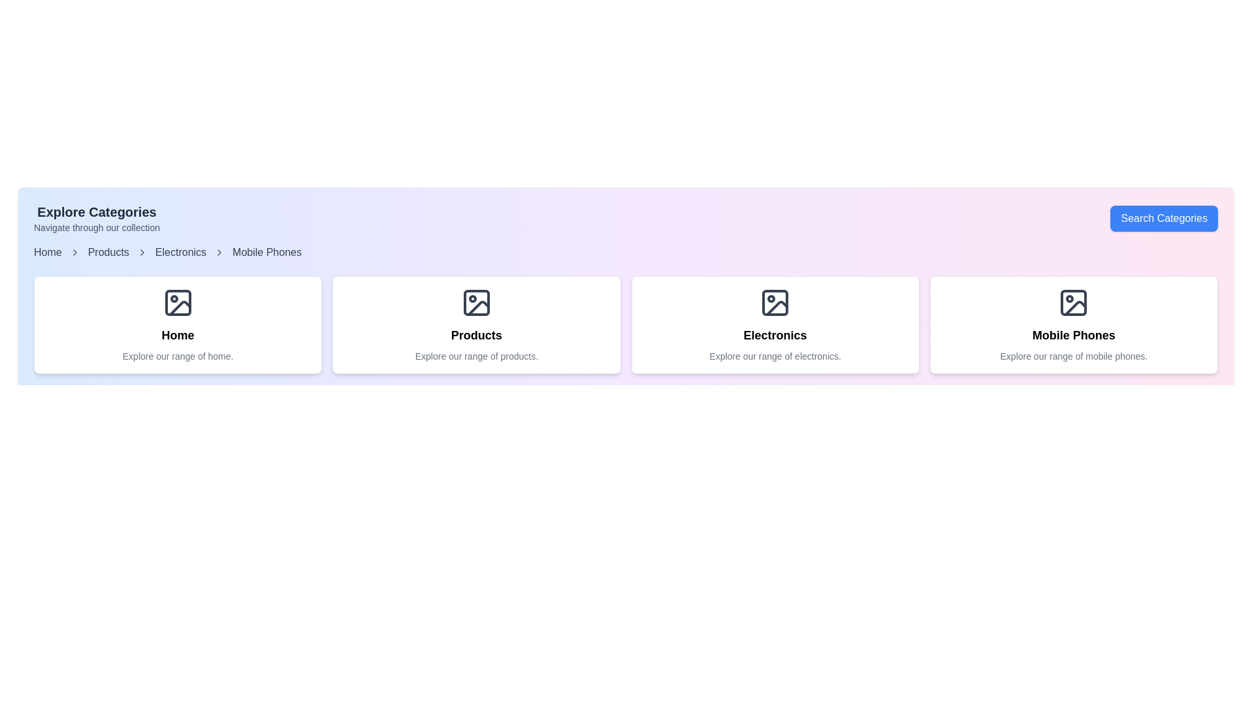  What do you see at coordinates (475, 302) in the screenshot?
I see `the Products icon located at the center-top of the Products card` at bounding box center [475, 302].